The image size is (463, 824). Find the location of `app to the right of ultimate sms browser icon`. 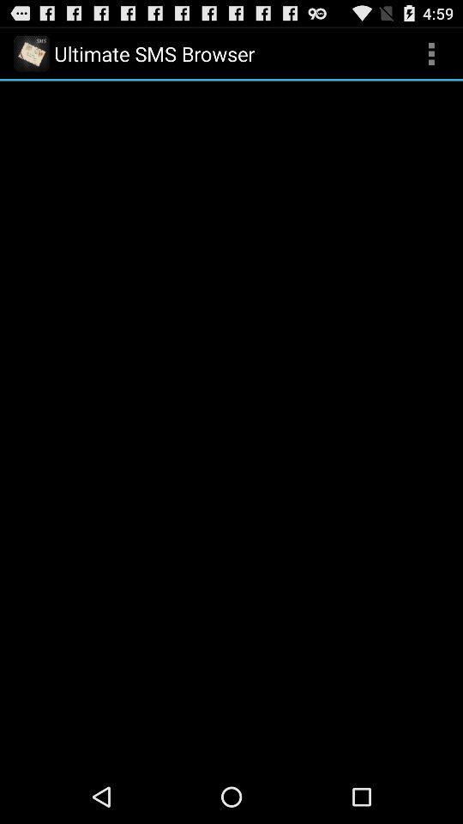

app to the right of ultimate sms browser icon is located at coordinates (430, 53).